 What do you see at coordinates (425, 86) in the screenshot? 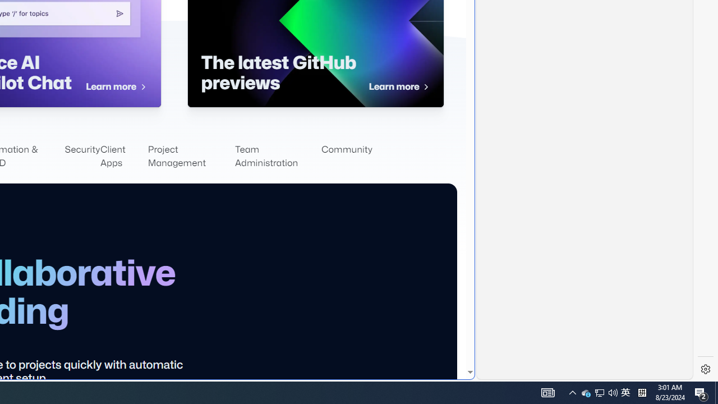
I see `'Class: octicon arrow-symbol-mktg octicon'` at bounding box center [425, 86].